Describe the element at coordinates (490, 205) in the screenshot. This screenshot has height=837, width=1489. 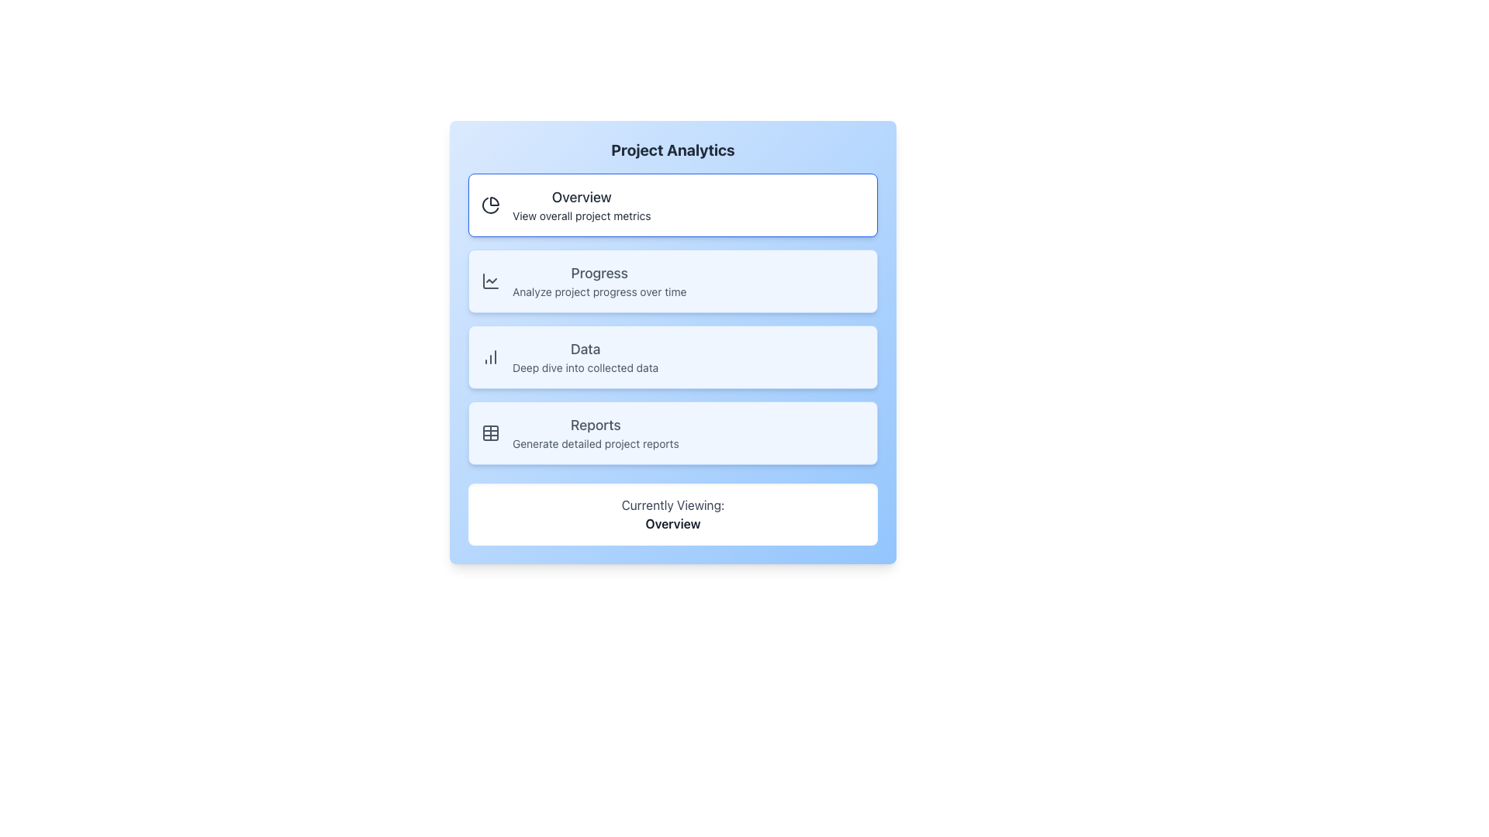
I see `the 'Overview' icon, which represents summary analytics through a pie chart, located at the top-left corner of the 'Overview' section within the card UI` at that location.